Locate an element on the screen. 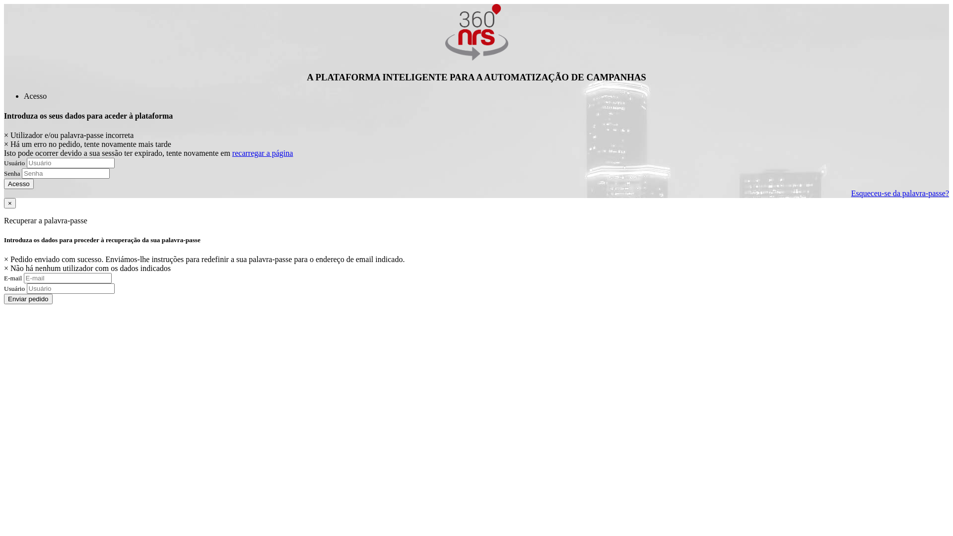 This screenshot has width=953, height=536. 'Acesso' is located at coordinates (35, 96).